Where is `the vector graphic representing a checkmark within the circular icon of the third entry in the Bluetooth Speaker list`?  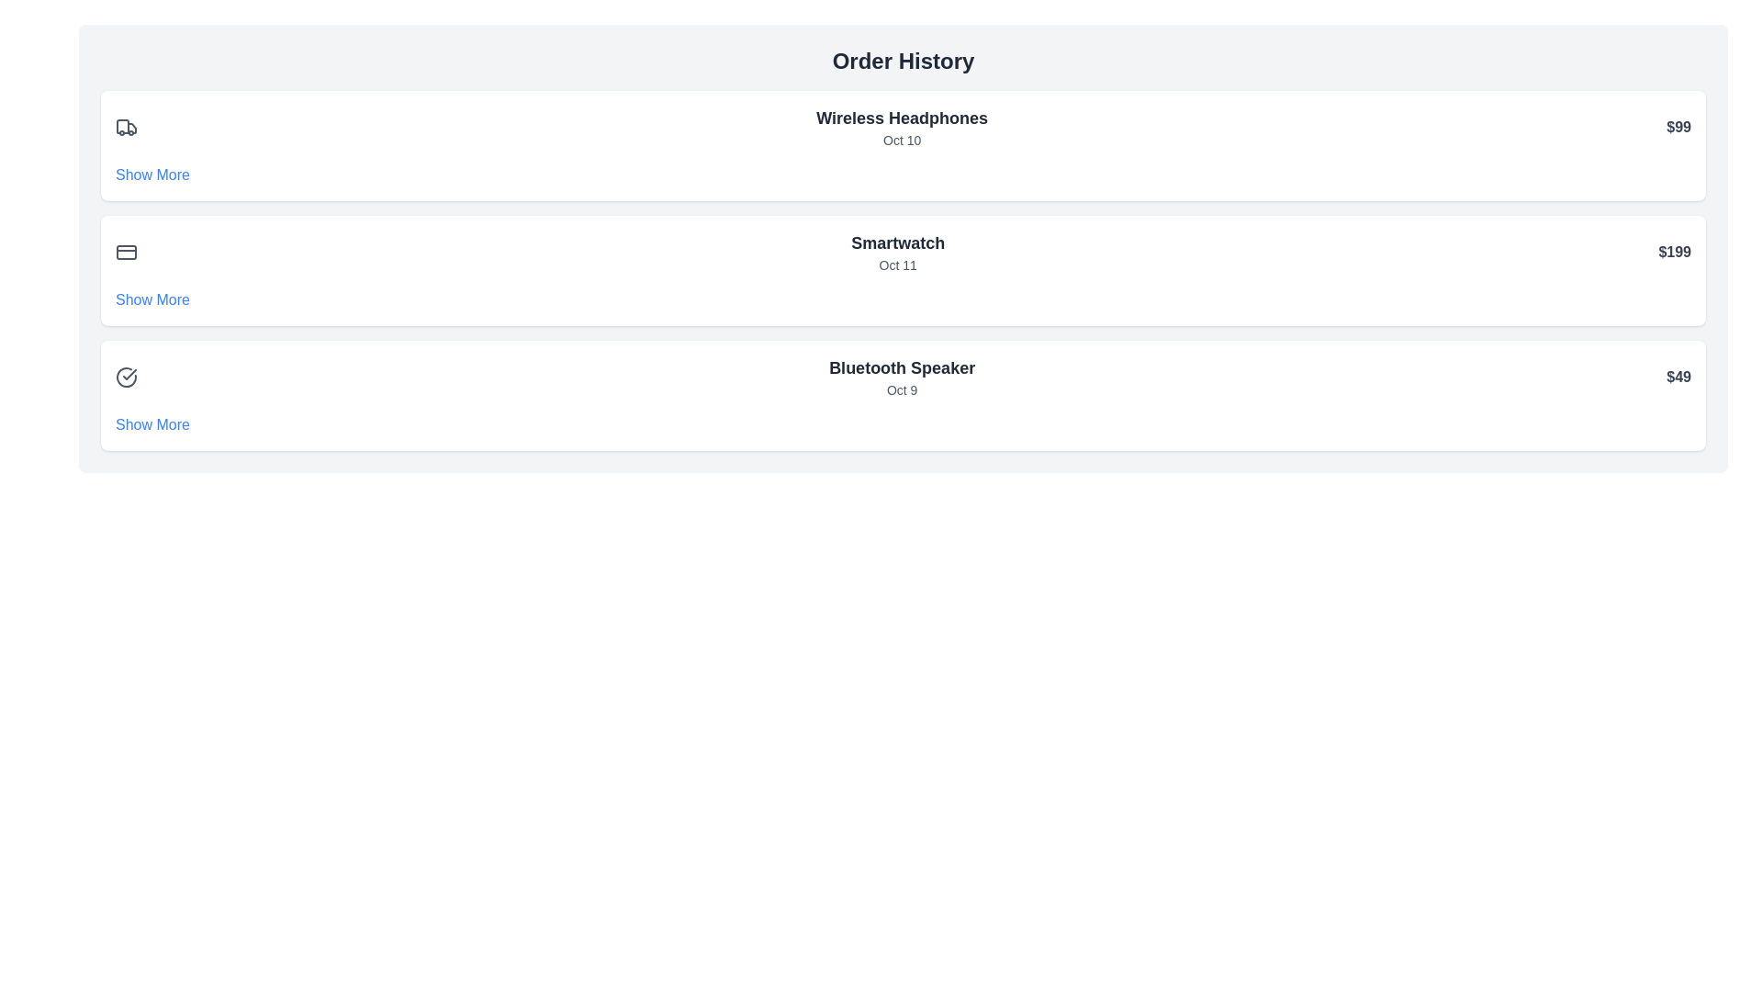
the vector graphic representing a checkmark within the circular icon of the third entry in the Bluetooth Speaker list is located at coordinates (129, 374).